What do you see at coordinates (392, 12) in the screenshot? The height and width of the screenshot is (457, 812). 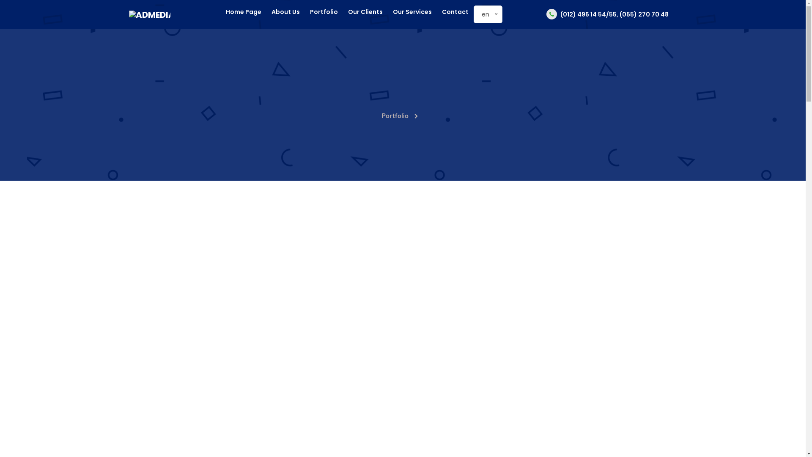 I see `'Our Services'` at bounding box center [392, 12].